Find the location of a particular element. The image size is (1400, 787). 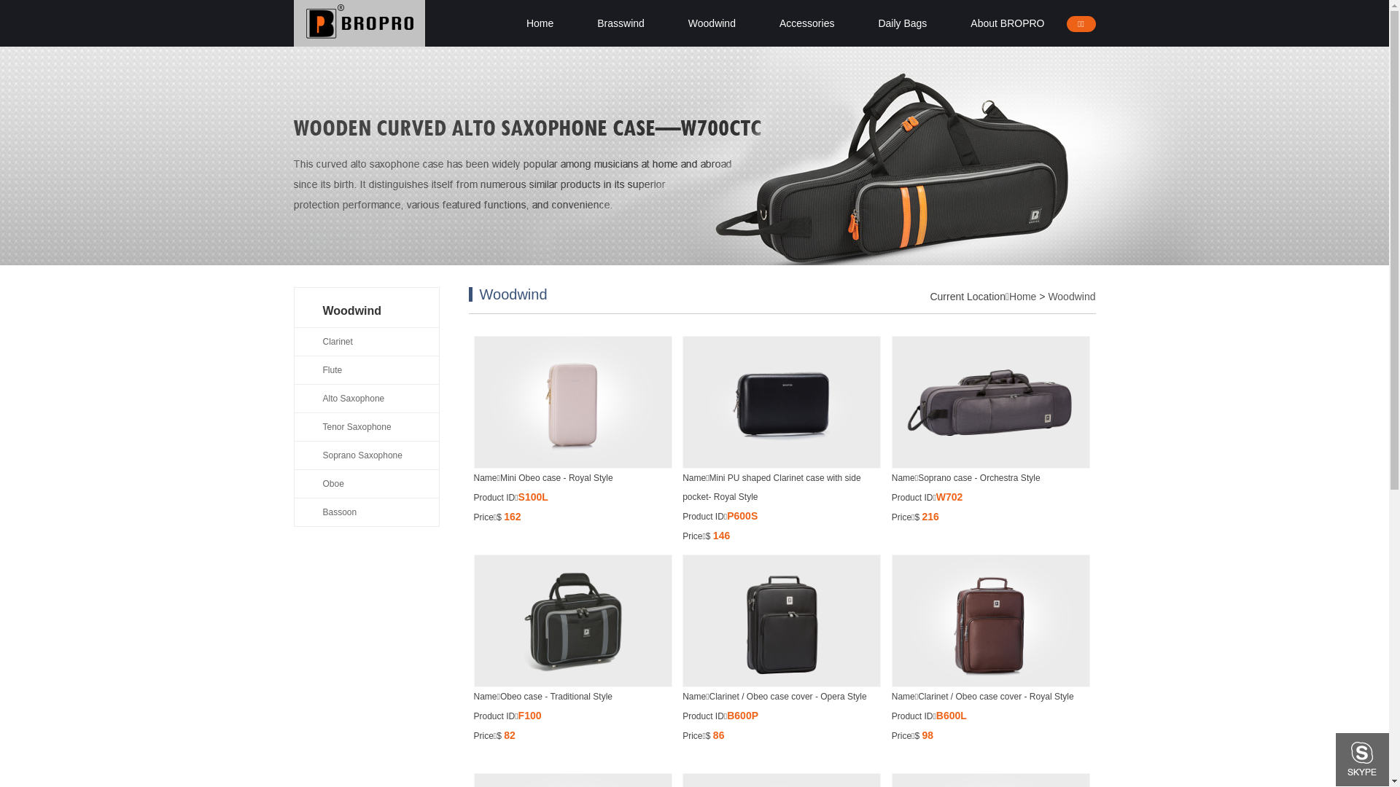

'Soprano Saxophone' is located at coordinates (292, 454).